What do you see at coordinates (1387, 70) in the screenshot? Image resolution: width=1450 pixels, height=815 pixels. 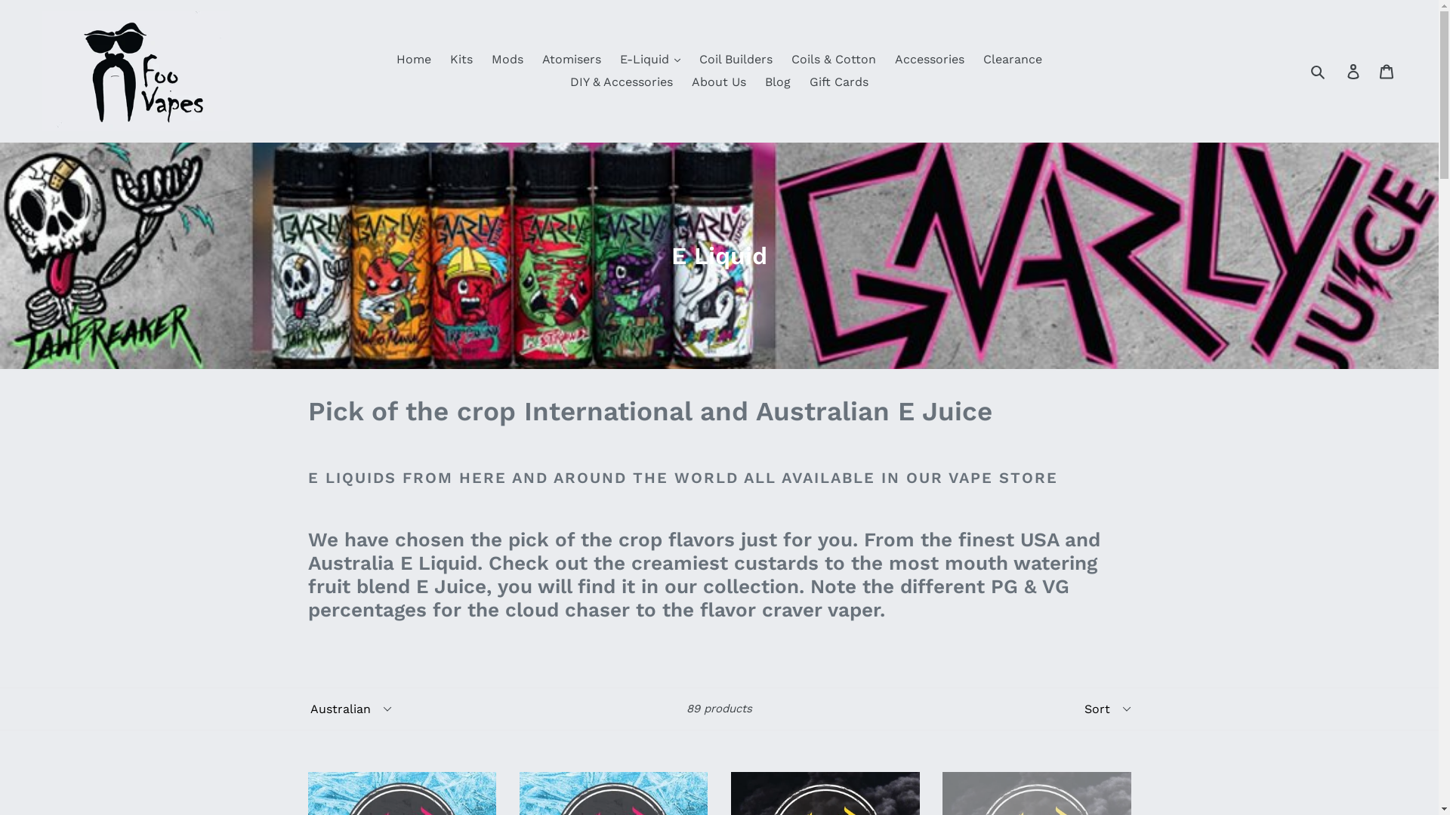 I see `'Cart'` at bounding box center [1387, 70].